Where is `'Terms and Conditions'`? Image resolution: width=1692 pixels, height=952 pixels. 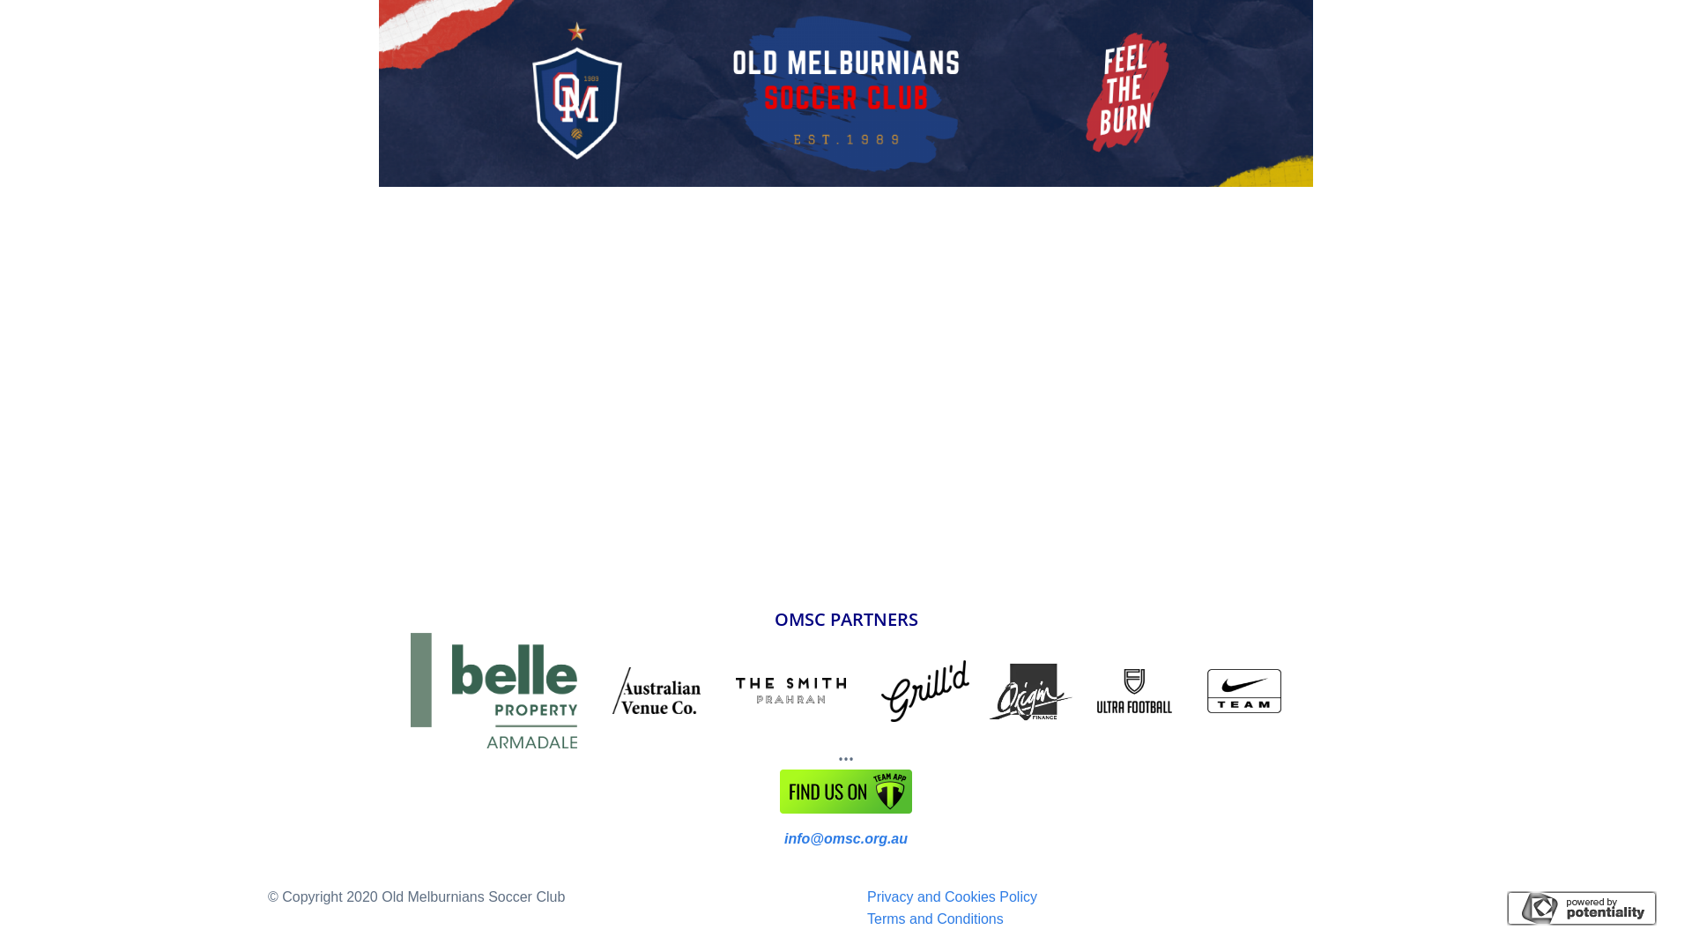 'Terms and Conditions' is located at coordinates (934, 918).